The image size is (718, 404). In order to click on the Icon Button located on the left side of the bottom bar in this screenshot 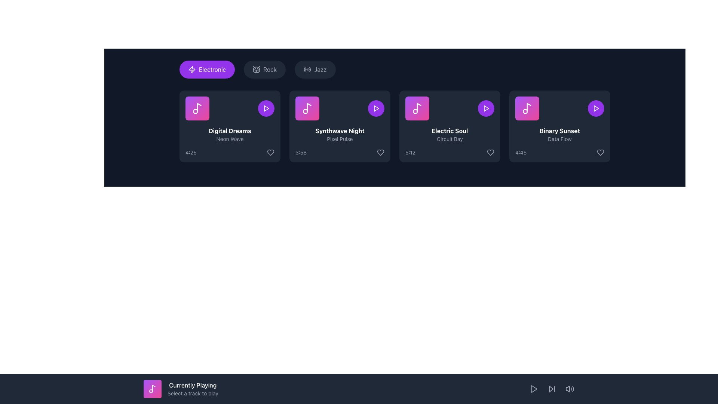, I will do `click(152, 389)`.